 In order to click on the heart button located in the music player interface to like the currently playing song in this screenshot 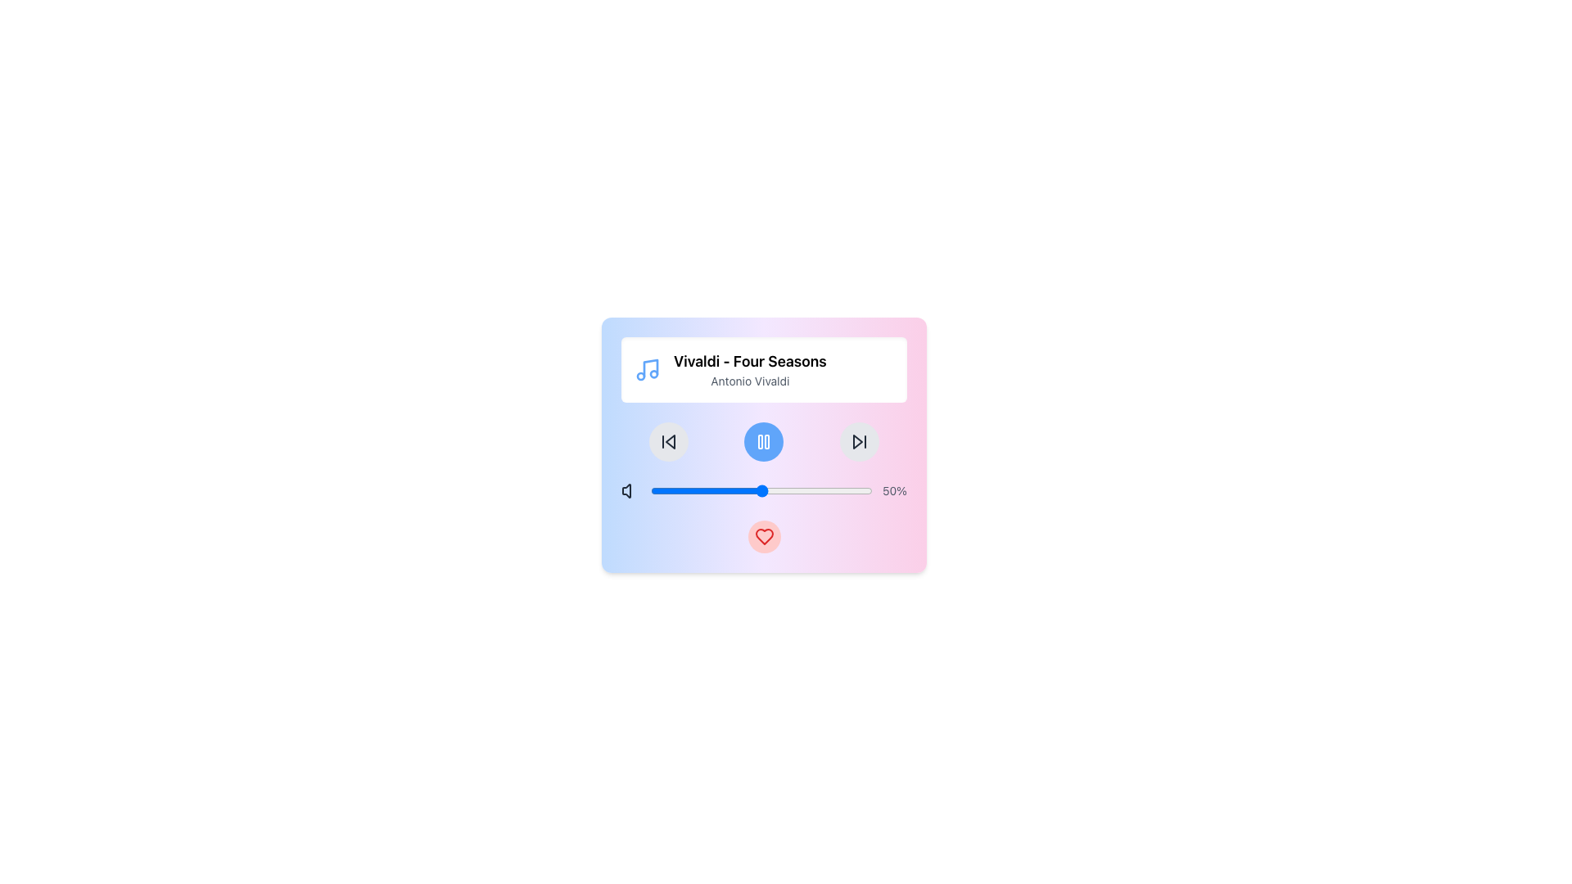, I will do `click(763, 444)`.